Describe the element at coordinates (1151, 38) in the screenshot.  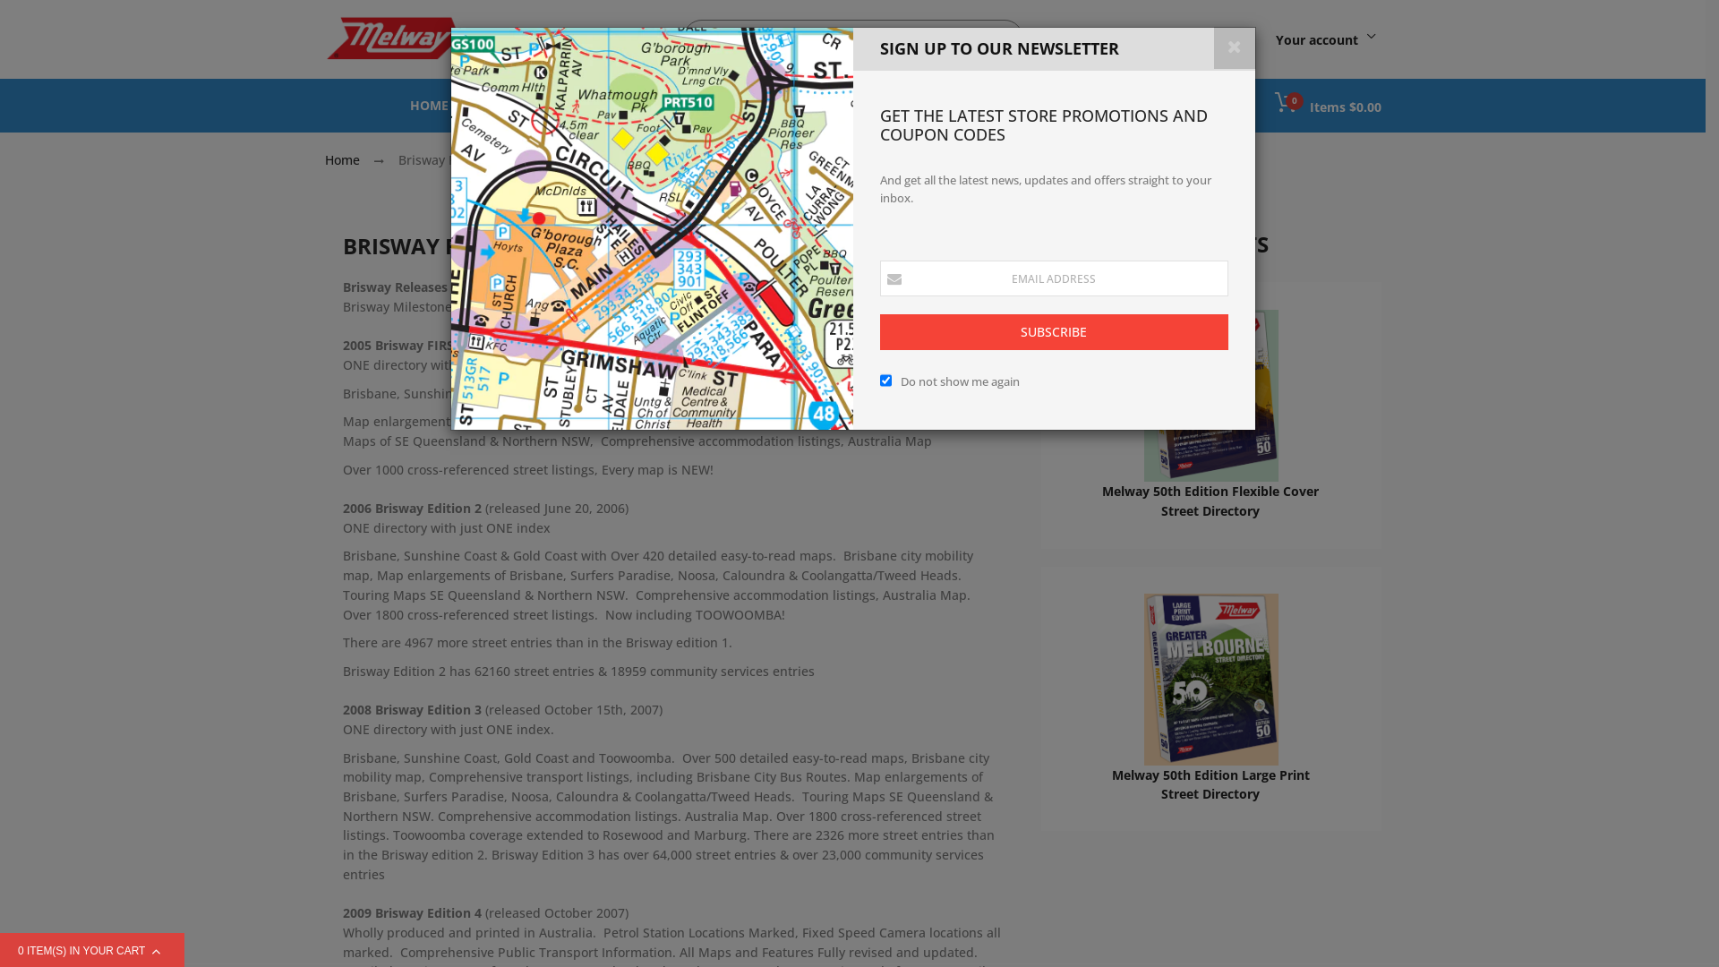
I see `'1300 635 929'` at that location.